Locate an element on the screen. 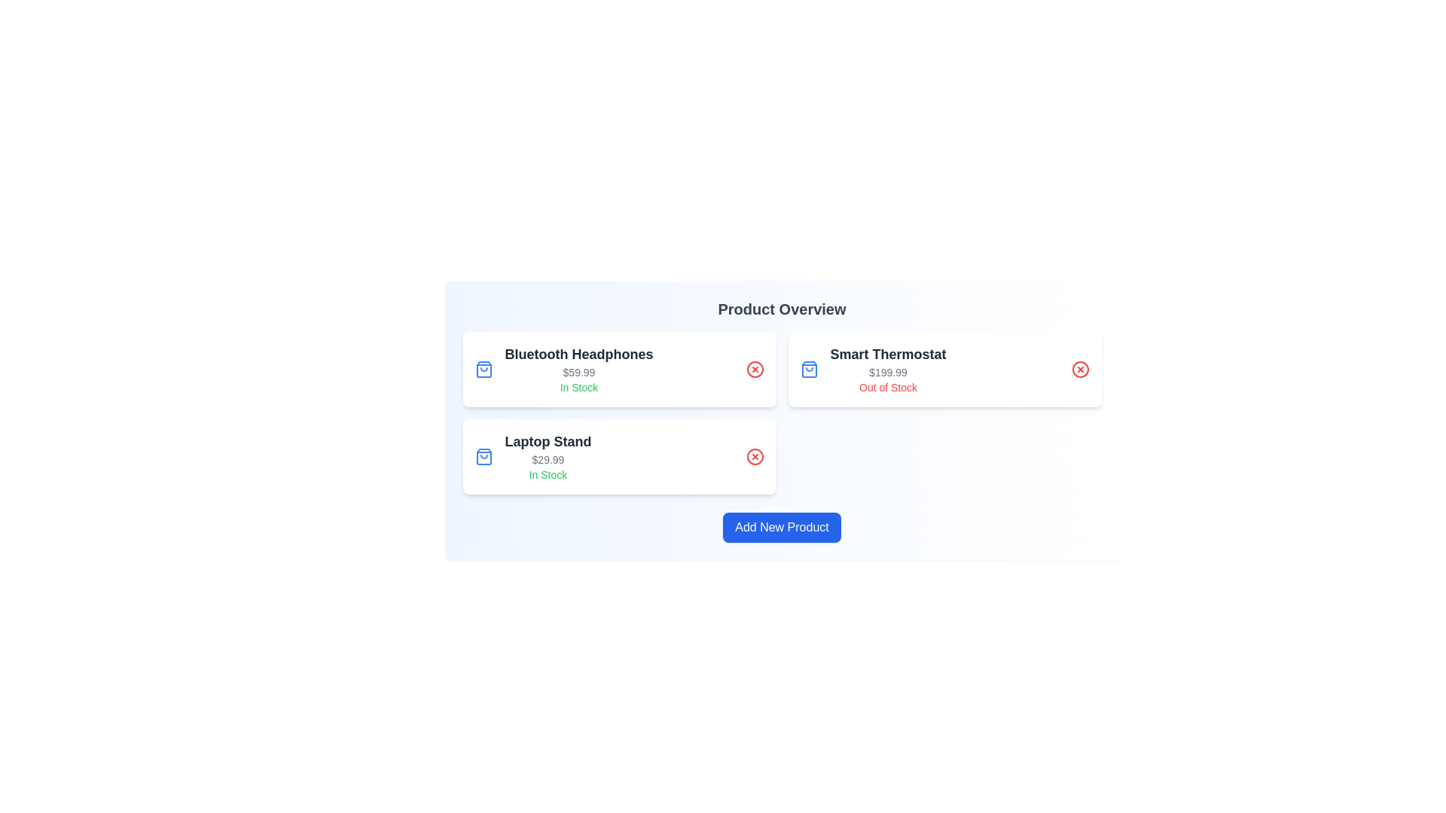  the 'Add New Product' button is located at coordinates (781, 527).